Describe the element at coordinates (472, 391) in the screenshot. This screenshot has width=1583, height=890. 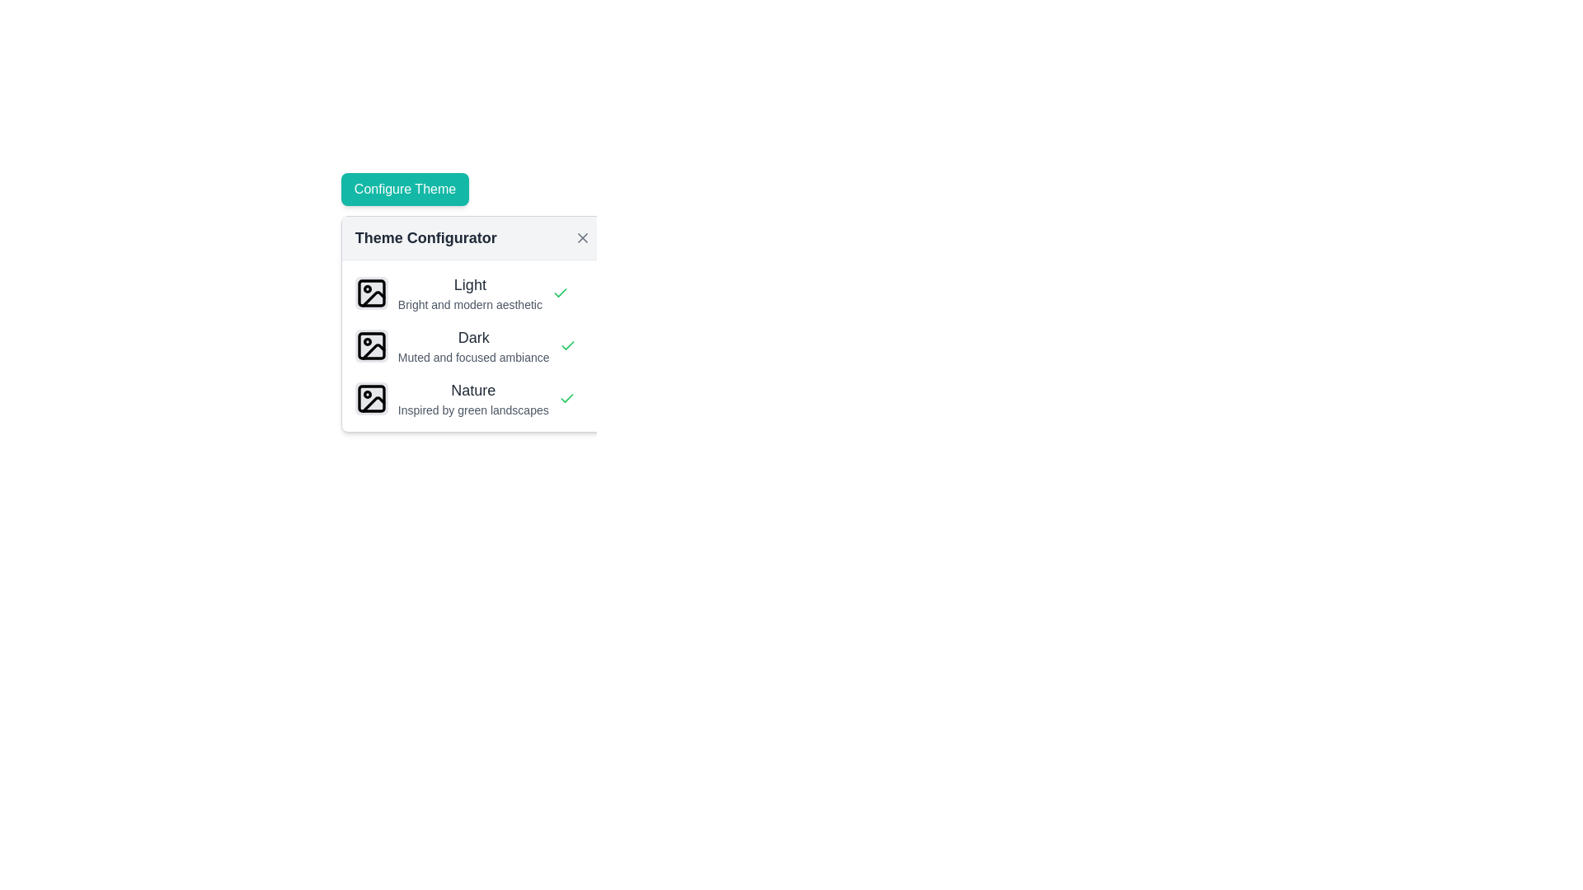
I see `the 'Nature' theme configuration title text label located within the 'Theme Configurator' panel` at that location.